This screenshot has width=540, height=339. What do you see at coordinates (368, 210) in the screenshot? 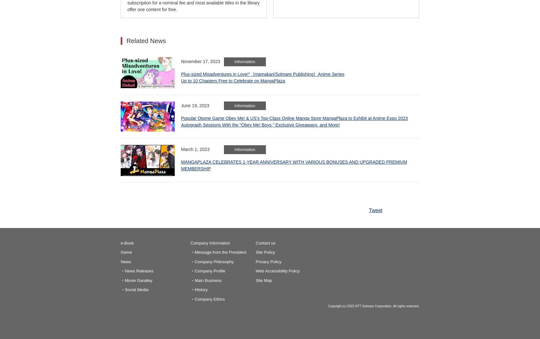
I see `'Tweet'` at bounding box center [368, 210].